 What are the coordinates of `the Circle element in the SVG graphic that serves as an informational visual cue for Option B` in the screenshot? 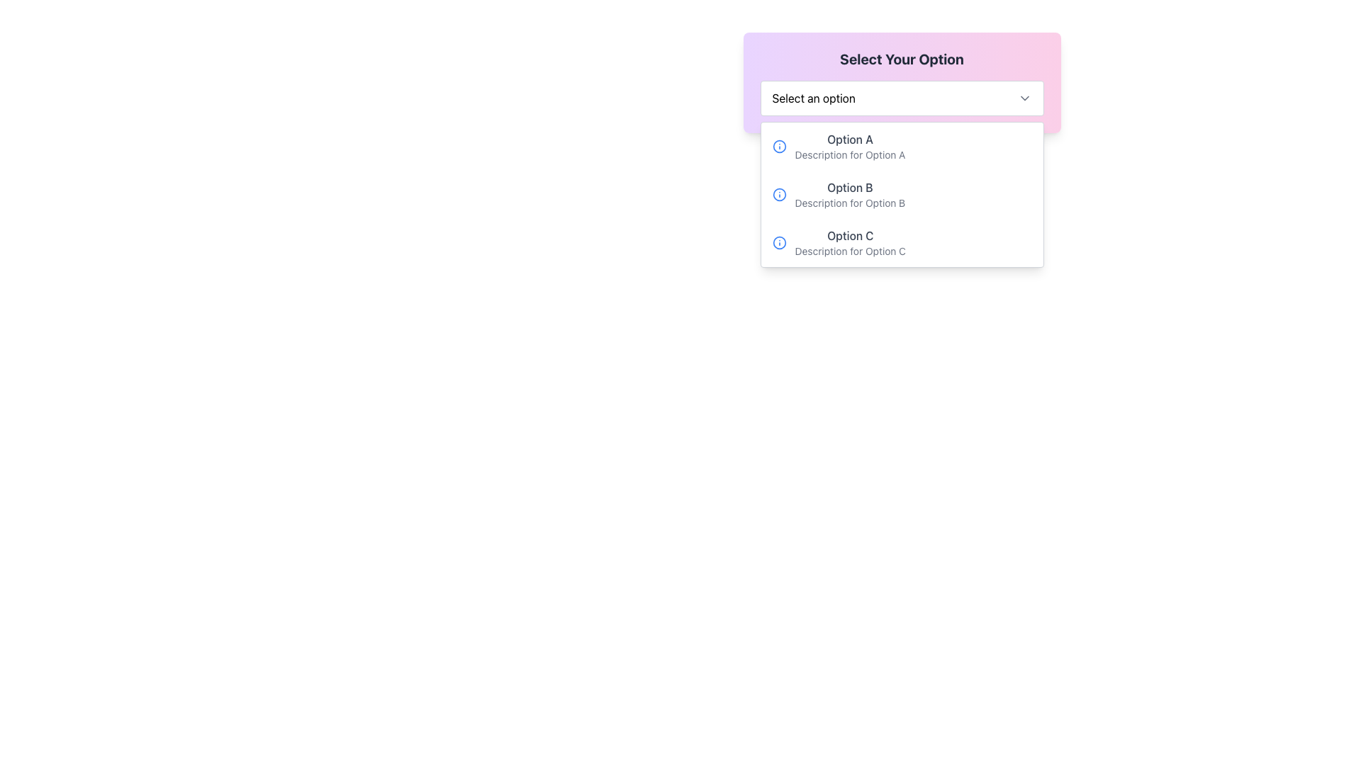 It's located at (778, 194).